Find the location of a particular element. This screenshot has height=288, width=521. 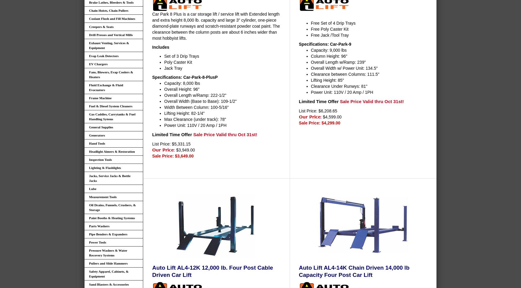

'Frame Machine' is located at coordinates (100, 98).